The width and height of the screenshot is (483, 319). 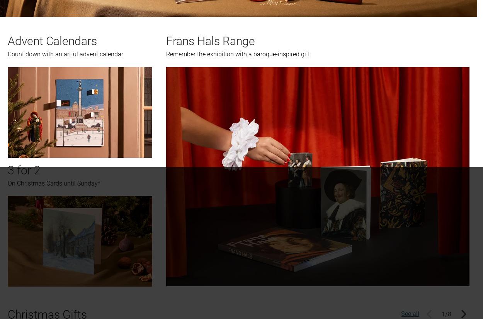 I want to click on 'A custom print for Christmas?', so click(x=53, y=97).